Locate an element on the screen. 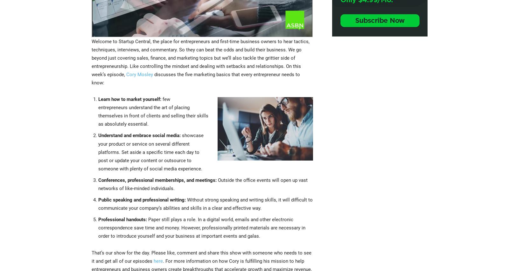 This screenshot has width=523, height=271. 'Outside the office events will open up vast networks of like-minded individuals.' is located at coordinates (203, 184).